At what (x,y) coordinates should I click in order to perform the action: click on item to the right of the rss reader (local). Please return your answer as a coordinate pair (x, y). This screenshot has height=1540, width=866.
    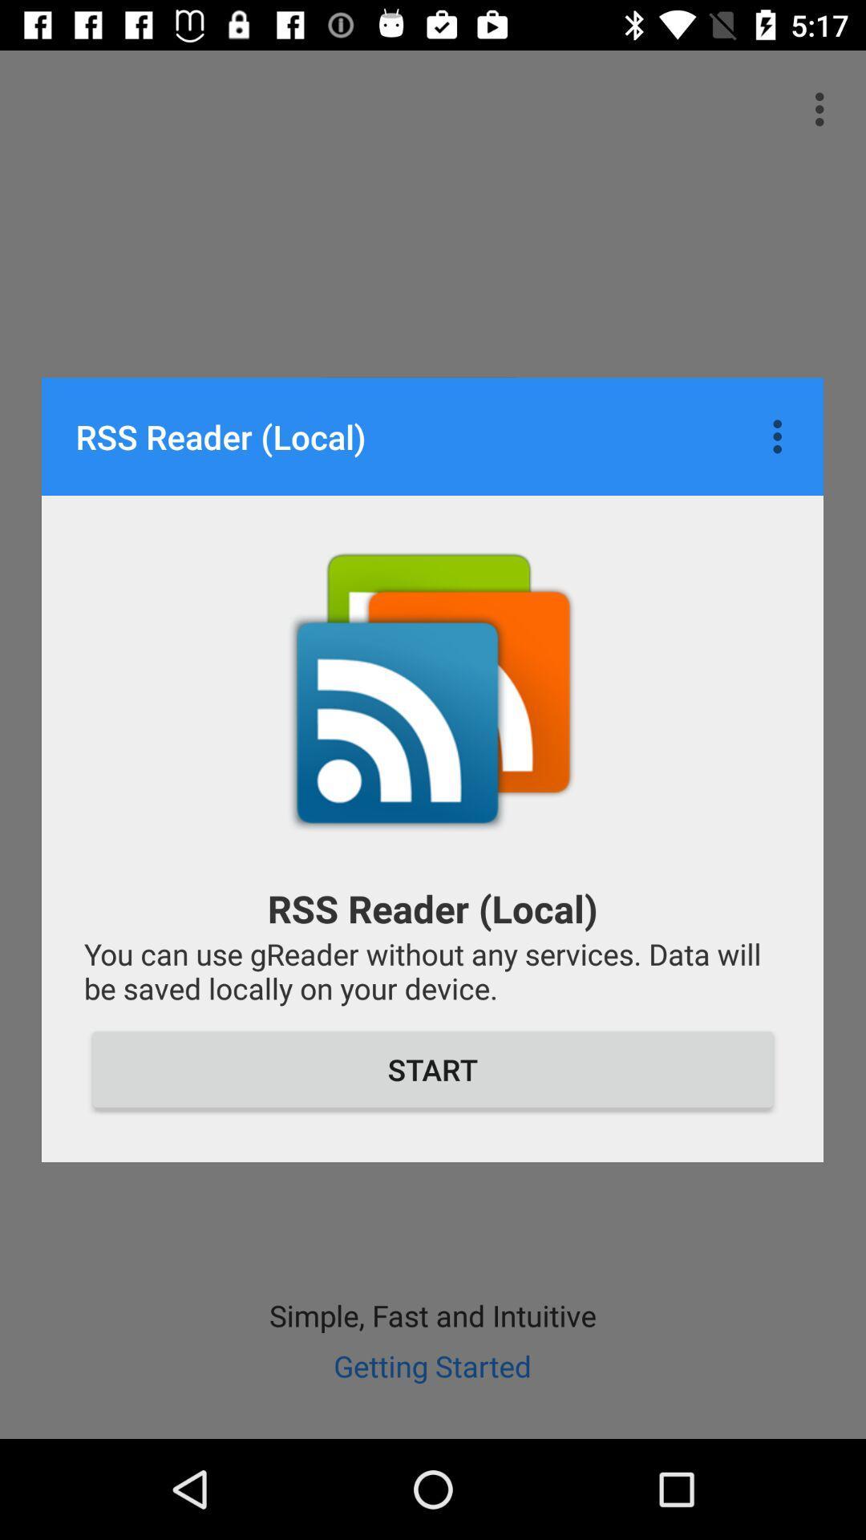
    Looking at the image, I should click on (781, 436).